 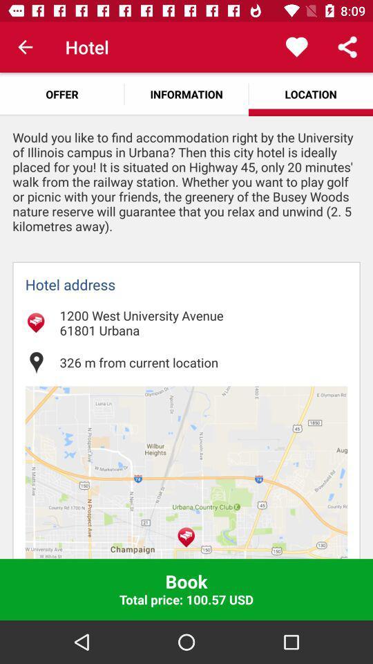 What do you see at coordinates (186, 93) in the screenshot?
I see `information item` at bounding box center [186, 93].